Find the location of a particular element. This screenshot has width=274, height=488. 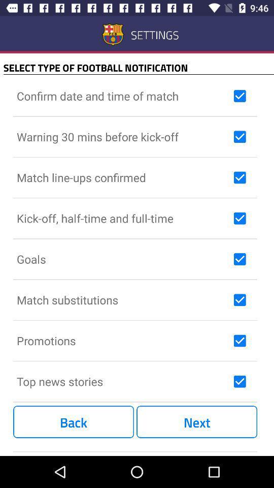

top news stories check box is located at coordinates (239, 381).